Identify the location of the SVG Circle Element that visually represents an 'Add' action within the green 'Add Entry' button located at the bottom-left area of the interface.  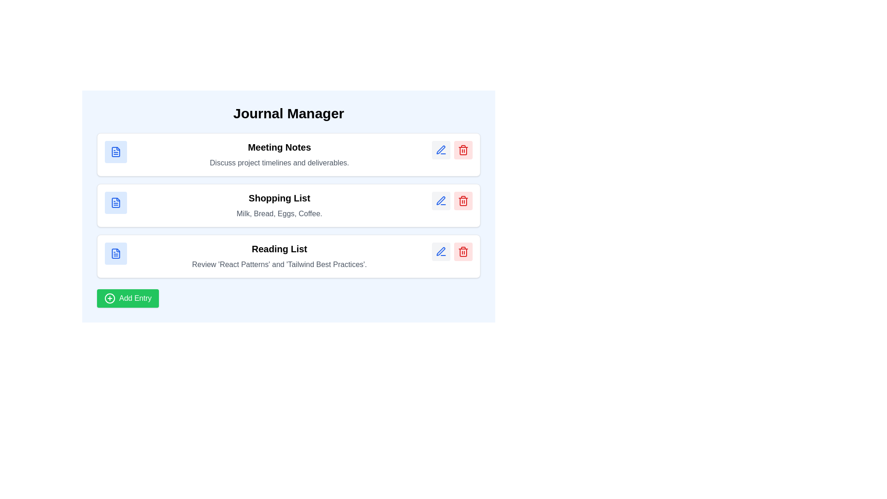
(110, 298).